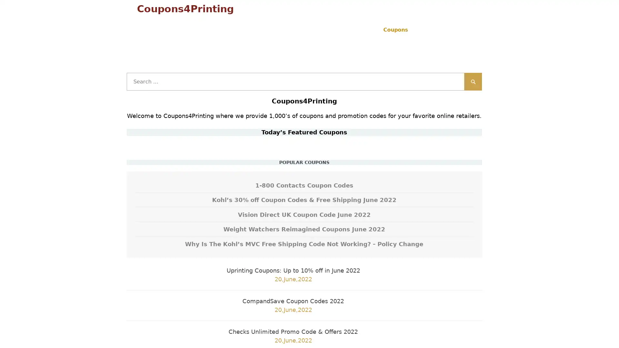  Describe the element at coordinates (473, 81) in the screenshot. I see `Search` at that location.